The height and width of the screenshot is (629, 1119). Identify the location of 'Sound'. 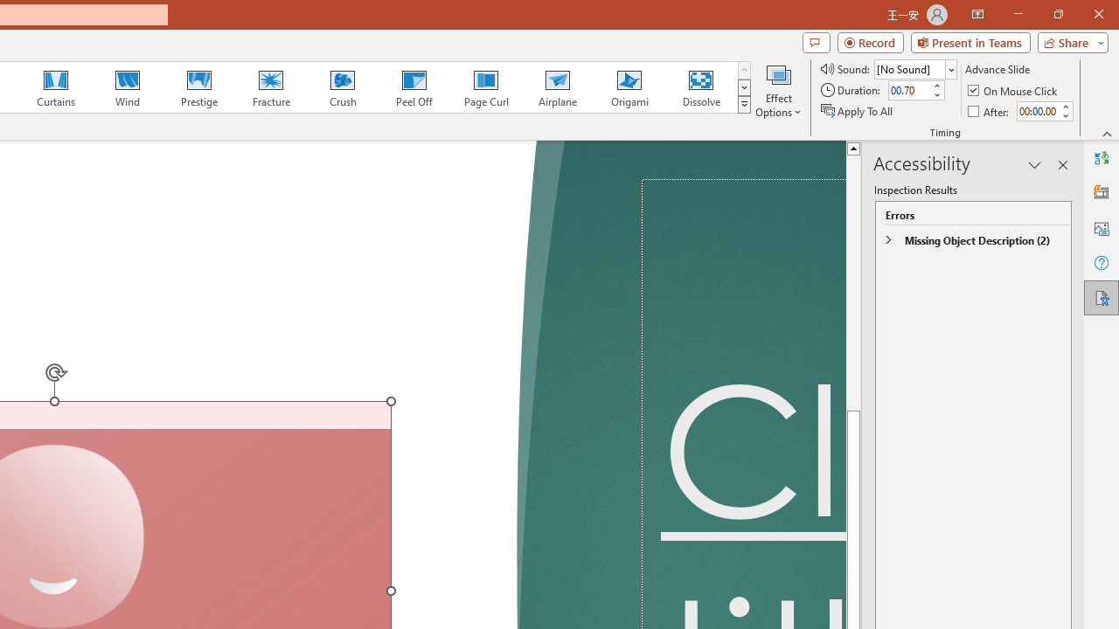
(914, 68).